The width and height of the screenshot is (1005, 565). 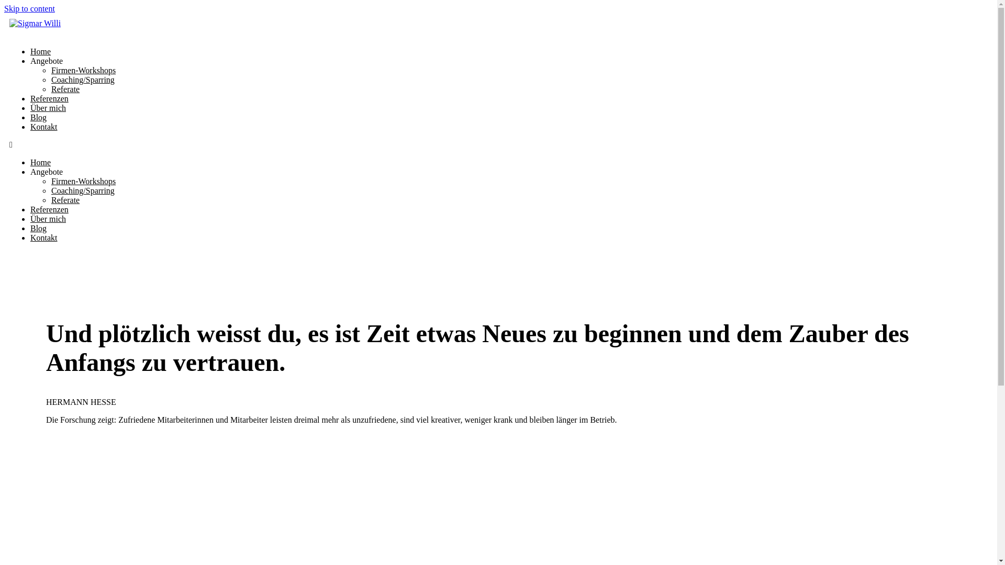 What do you see at coordinates (64, 88) in the screenshot?
I see `'Referate'` at bounding box center [64, 88].